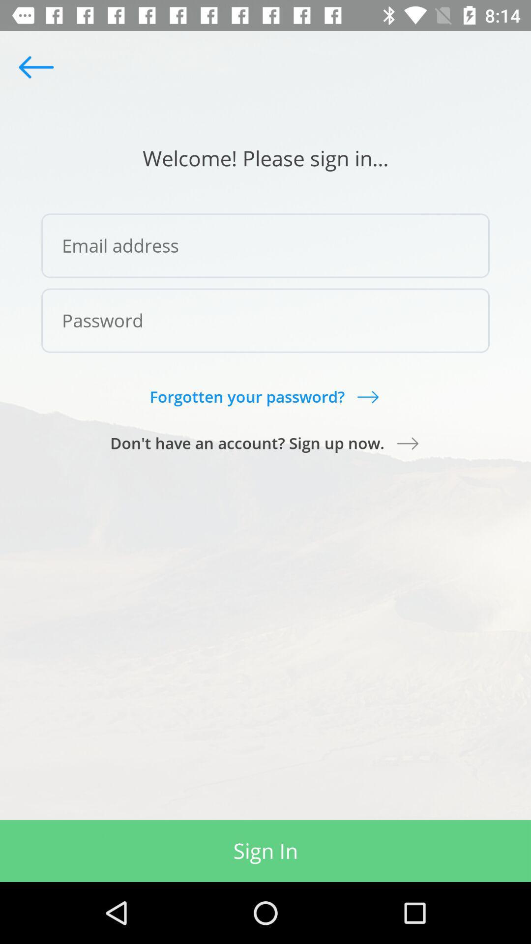  I want to click on don t have icon, so click(265, 442).